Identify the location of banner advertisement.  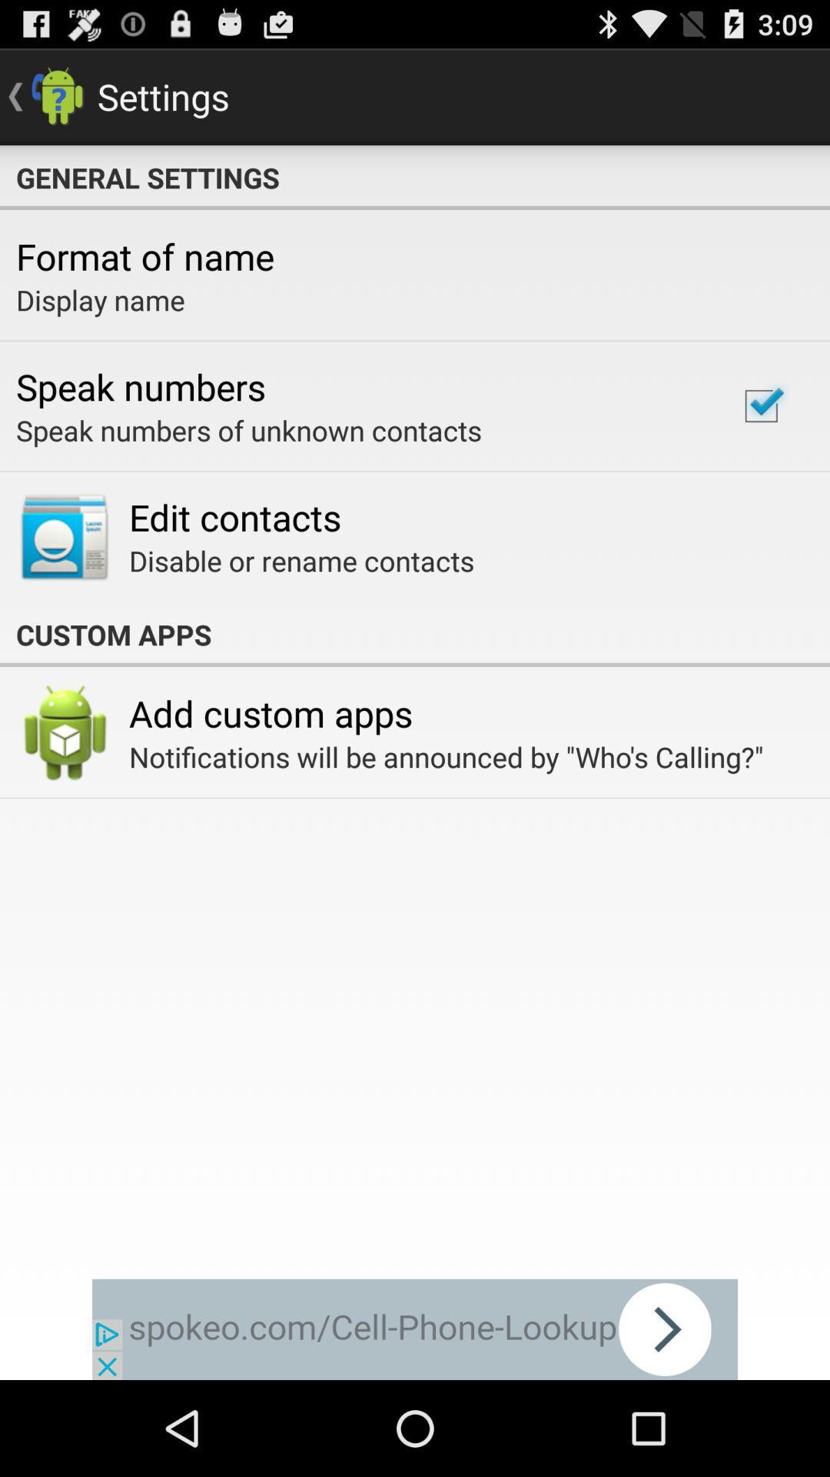
(415, 1329).